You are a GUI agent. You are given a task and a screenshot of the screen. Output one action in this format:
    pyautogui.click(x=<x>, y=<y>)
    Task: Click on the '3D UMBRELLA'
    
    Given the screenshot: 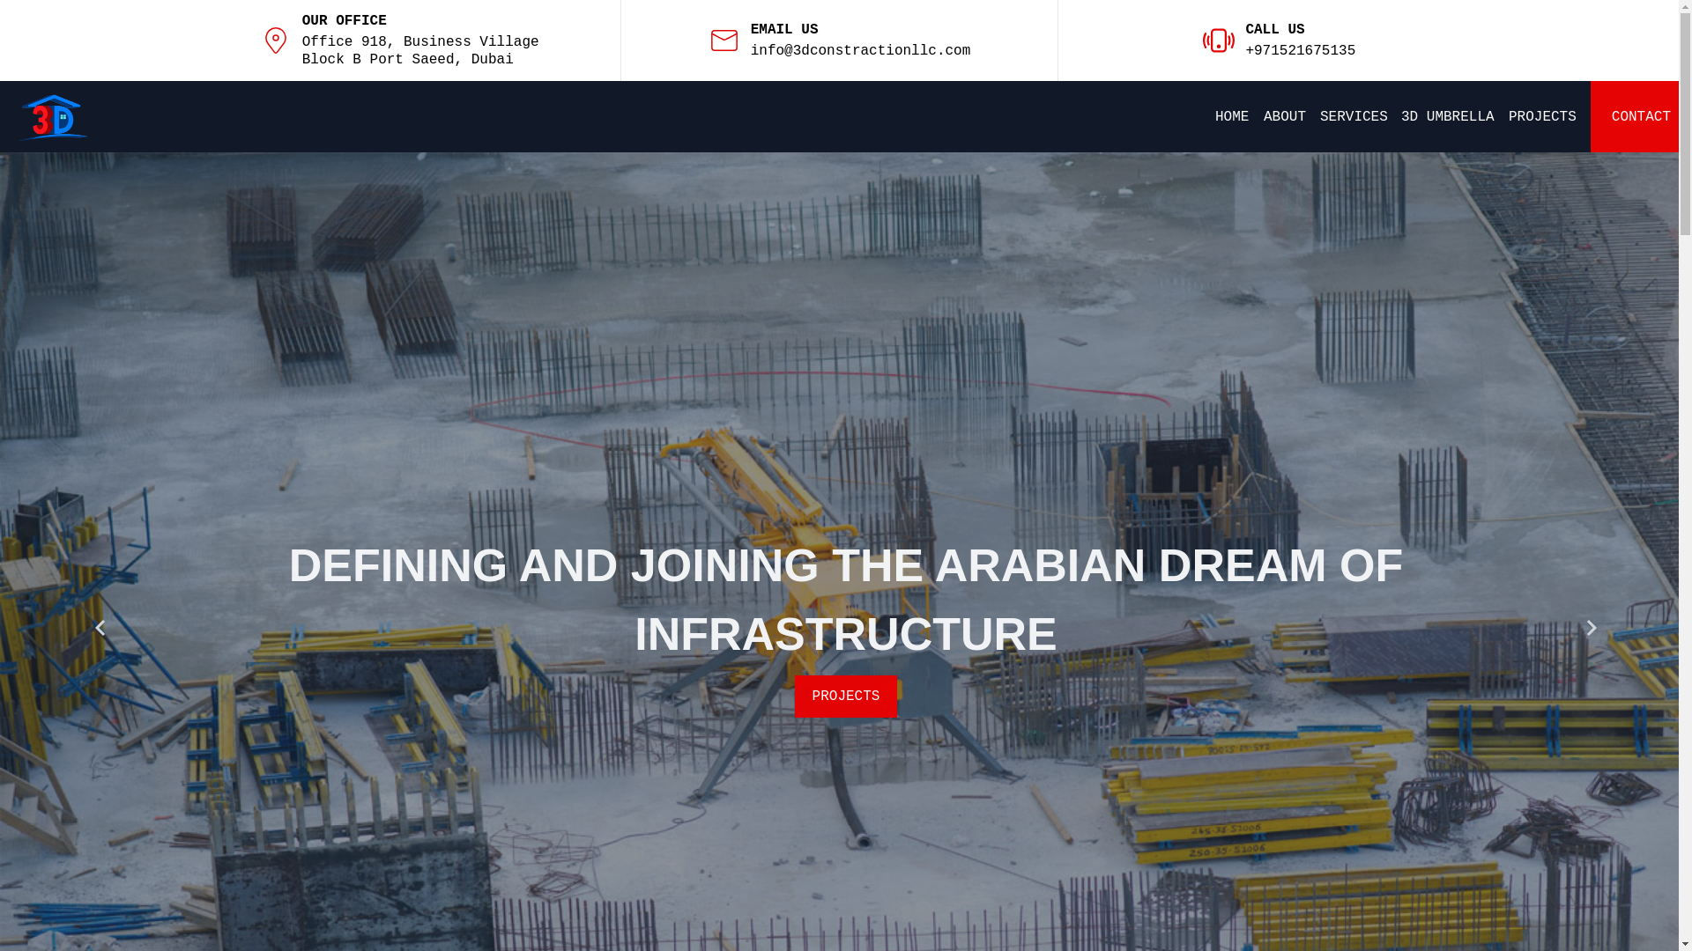 What is the action you would take?
    pyautogui.click(x=1447, y=116)
    